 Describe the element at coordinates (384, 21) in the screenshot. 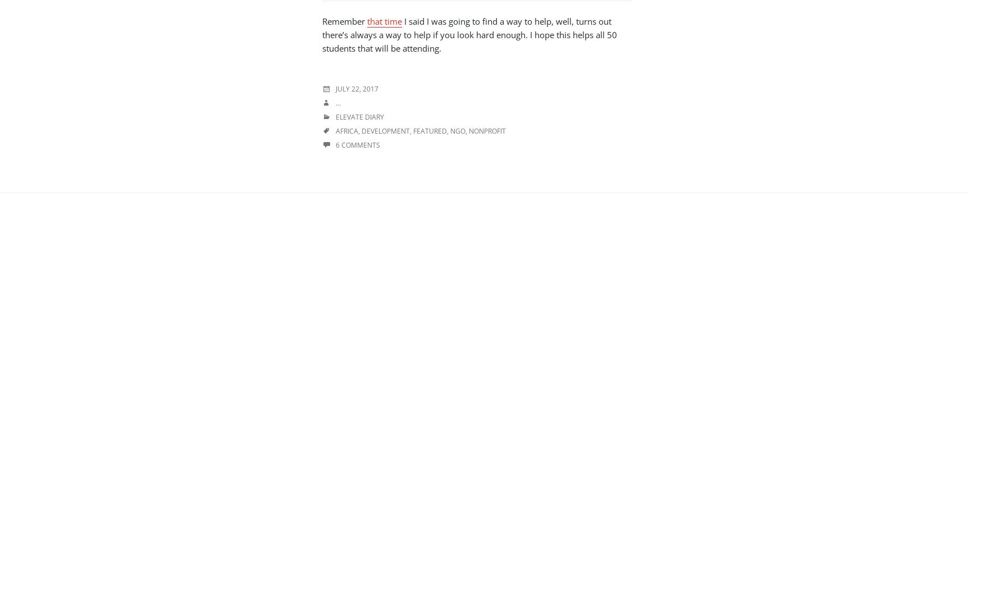

I see `'that time'` at that location.